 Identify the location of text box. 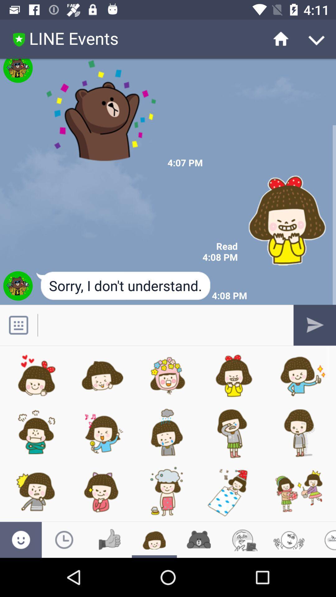
(161, 325).